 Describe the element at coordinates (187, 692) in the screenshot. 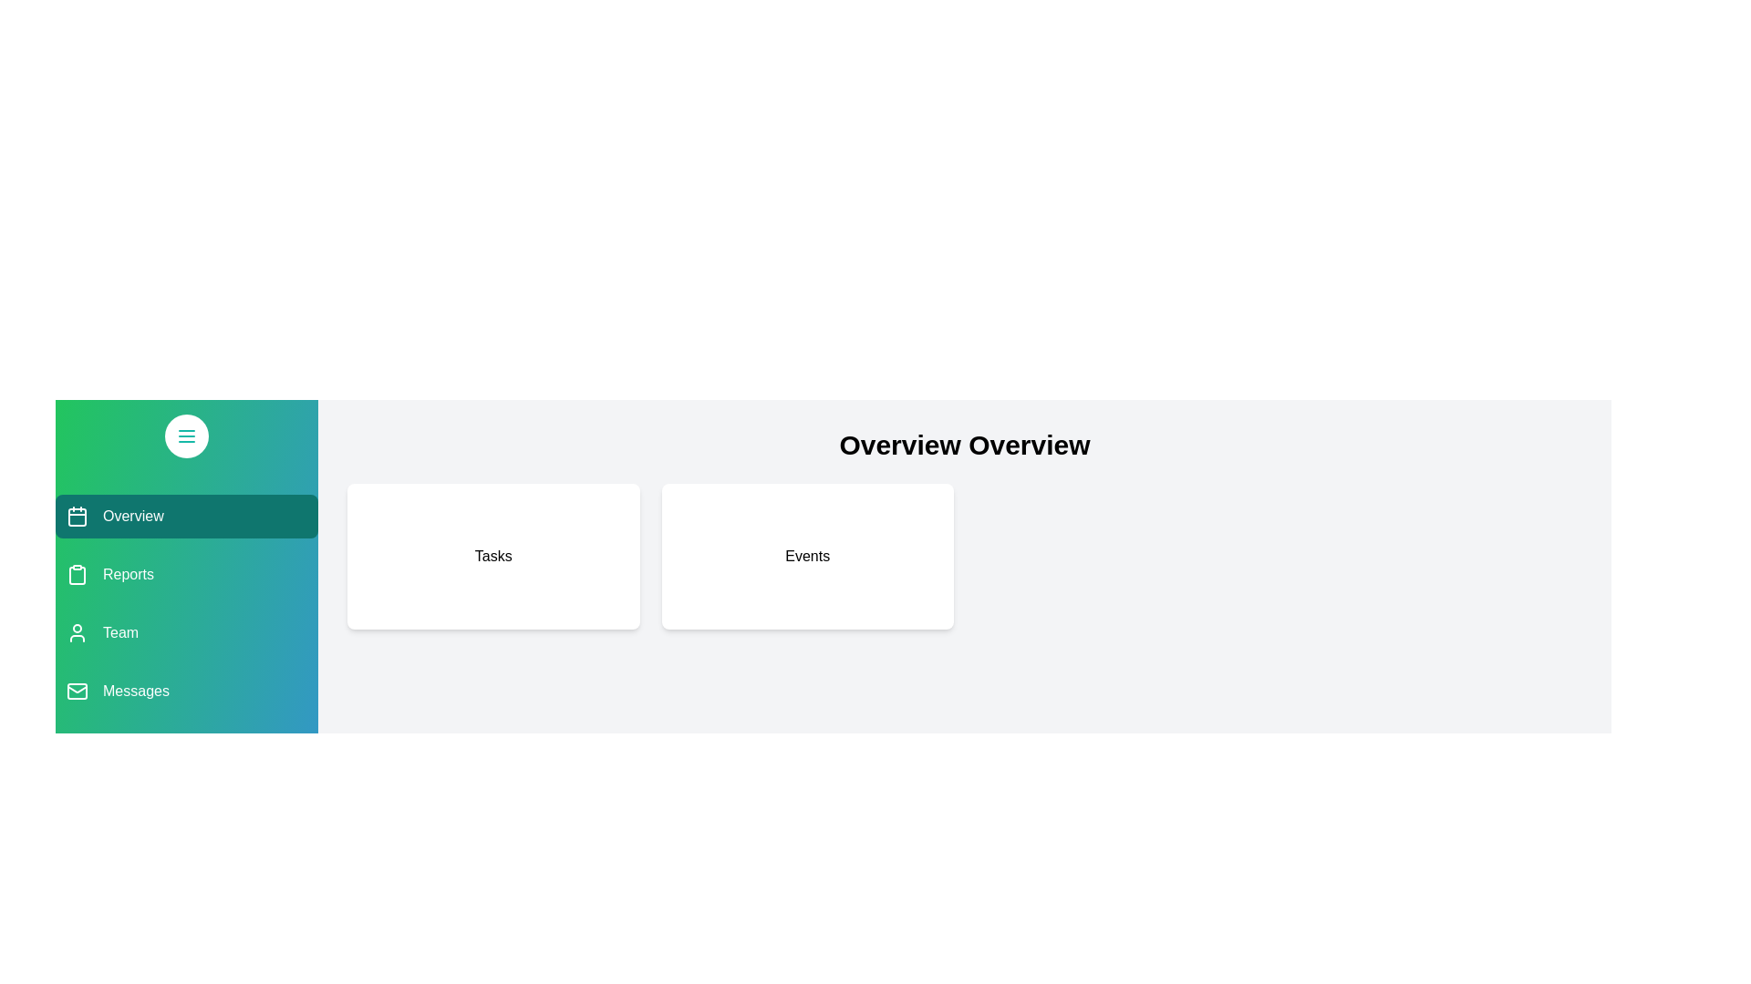

I see `the menu item labeled 'Messages' to see its hover effect` at that location.